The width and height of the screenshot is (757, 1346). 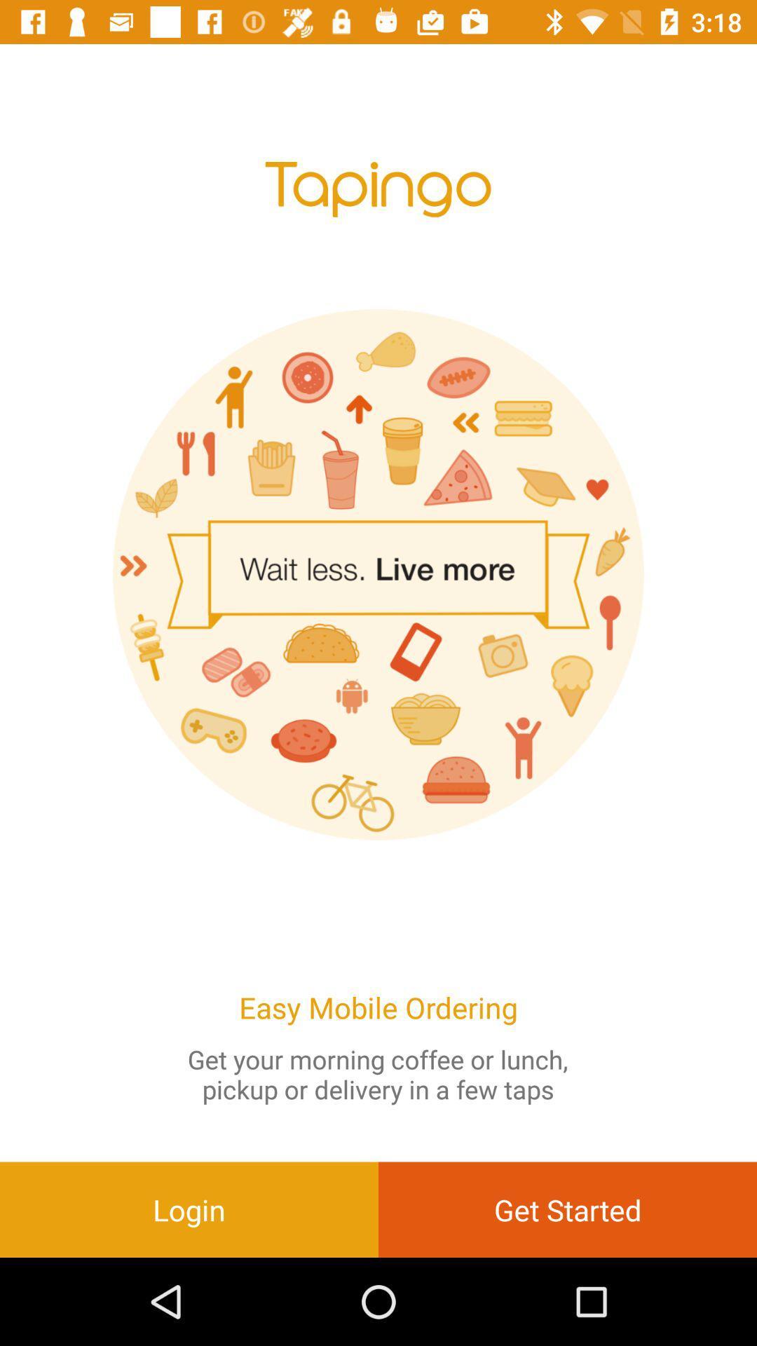 What do you see at coordinates (189, 1209) in the screenshot?
I see `the item below the get your morning` at bounding box center [189, 1209].